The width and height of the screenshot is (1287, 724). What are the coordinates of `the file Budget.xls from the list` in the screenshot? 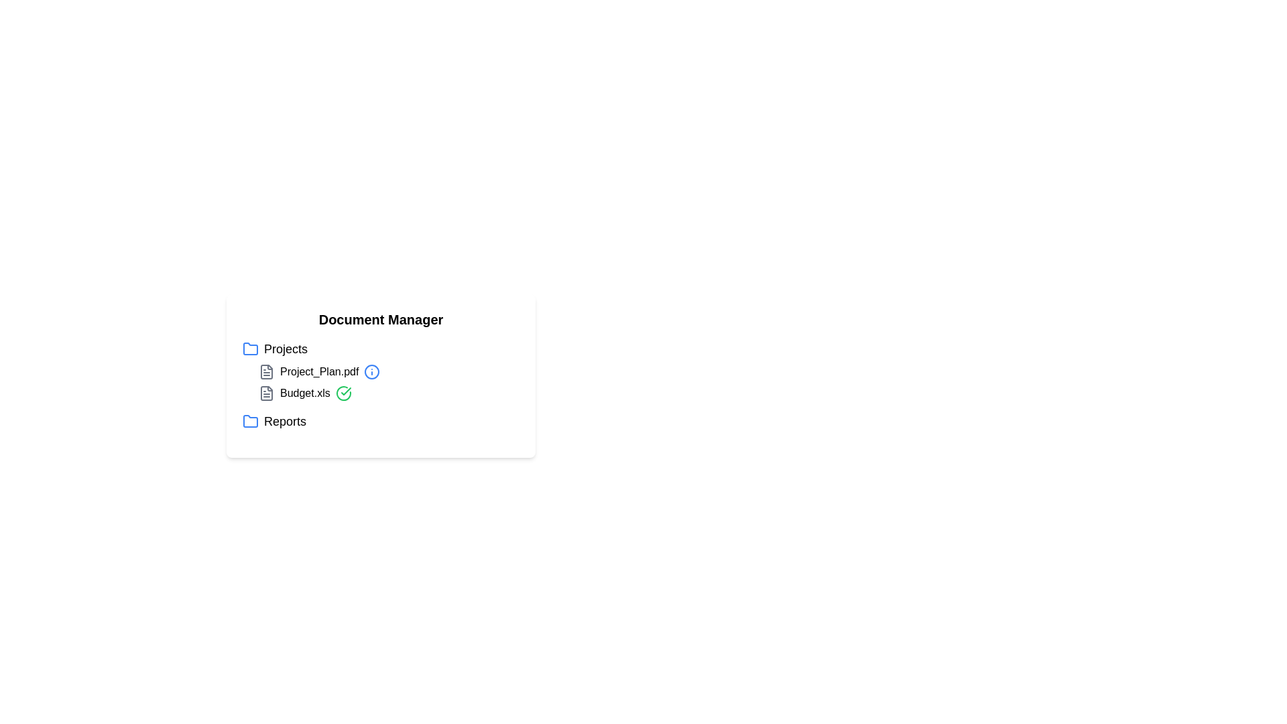 It's located at (304, 392).